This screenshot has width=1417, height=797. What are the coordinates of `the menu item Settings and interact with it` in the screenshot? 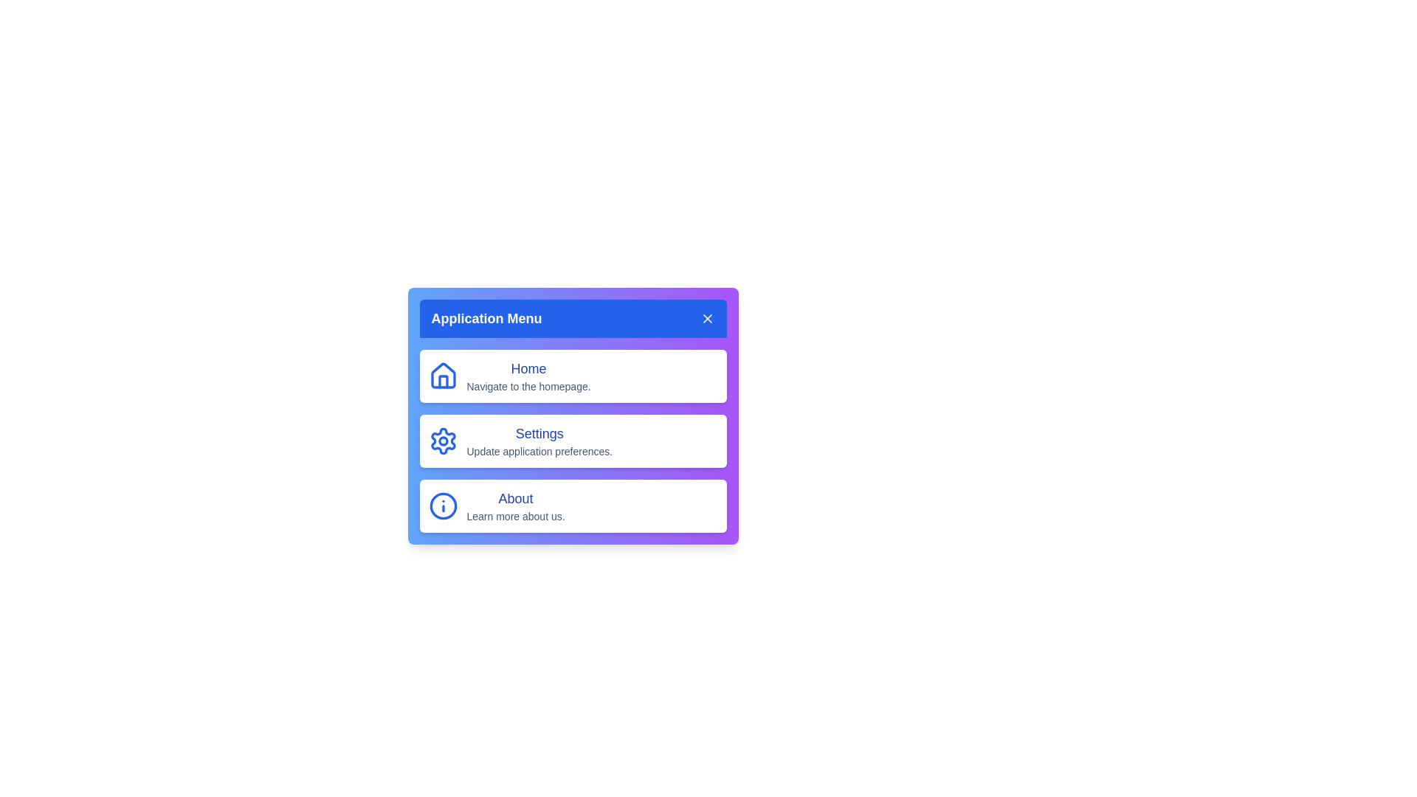 It's located at (572, 440).